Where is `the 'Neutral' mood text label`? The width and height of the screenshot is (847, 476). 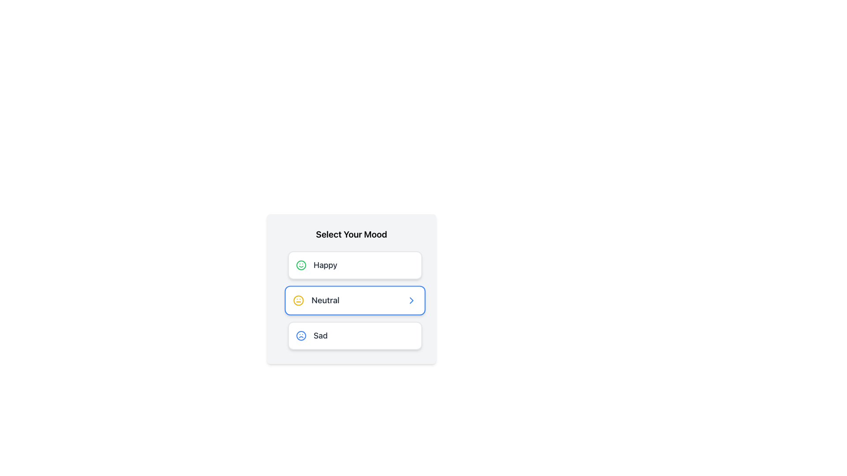 the 'Neutral' mood text label is located at coordinates (325, 300).